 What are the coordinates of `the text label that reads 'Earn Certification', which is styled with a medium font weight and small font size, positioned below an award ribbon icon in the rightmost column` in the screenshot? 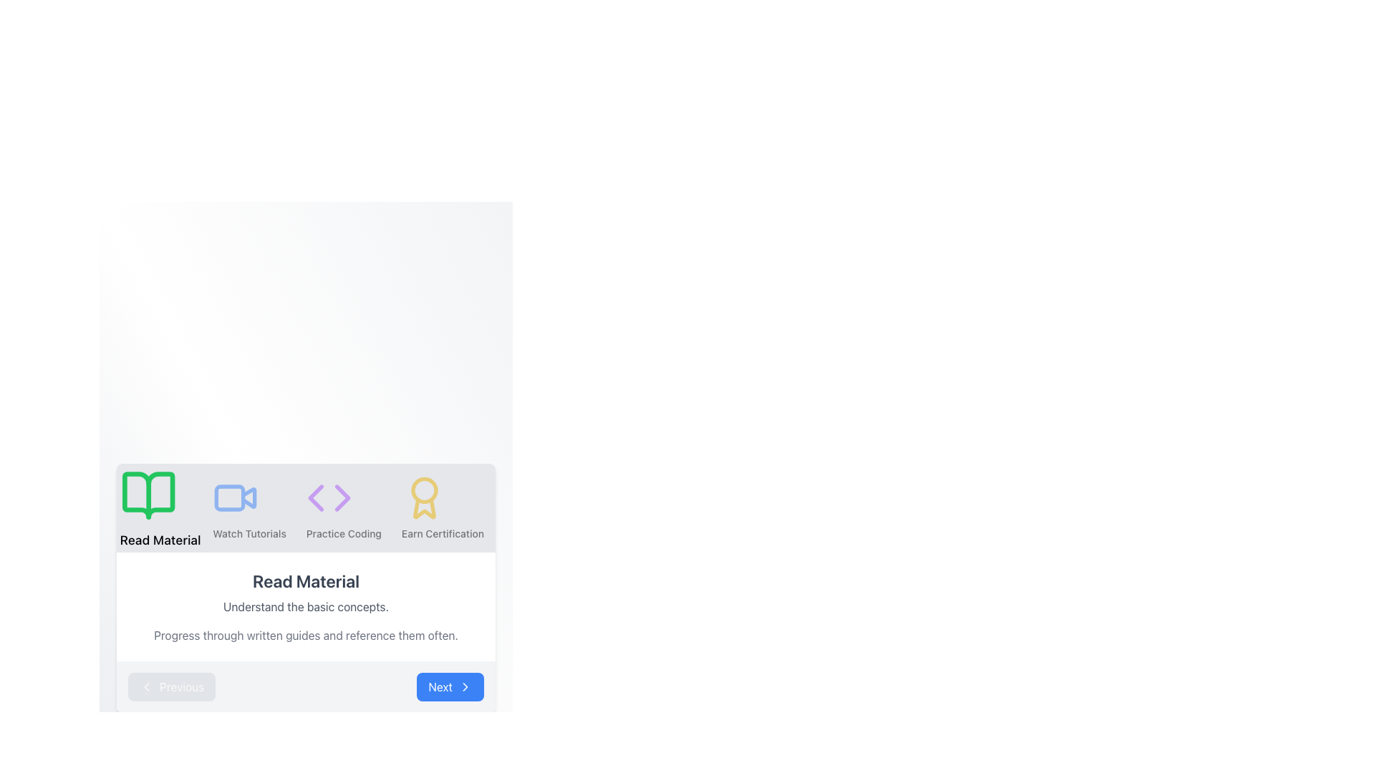 It's located at (442, 533).